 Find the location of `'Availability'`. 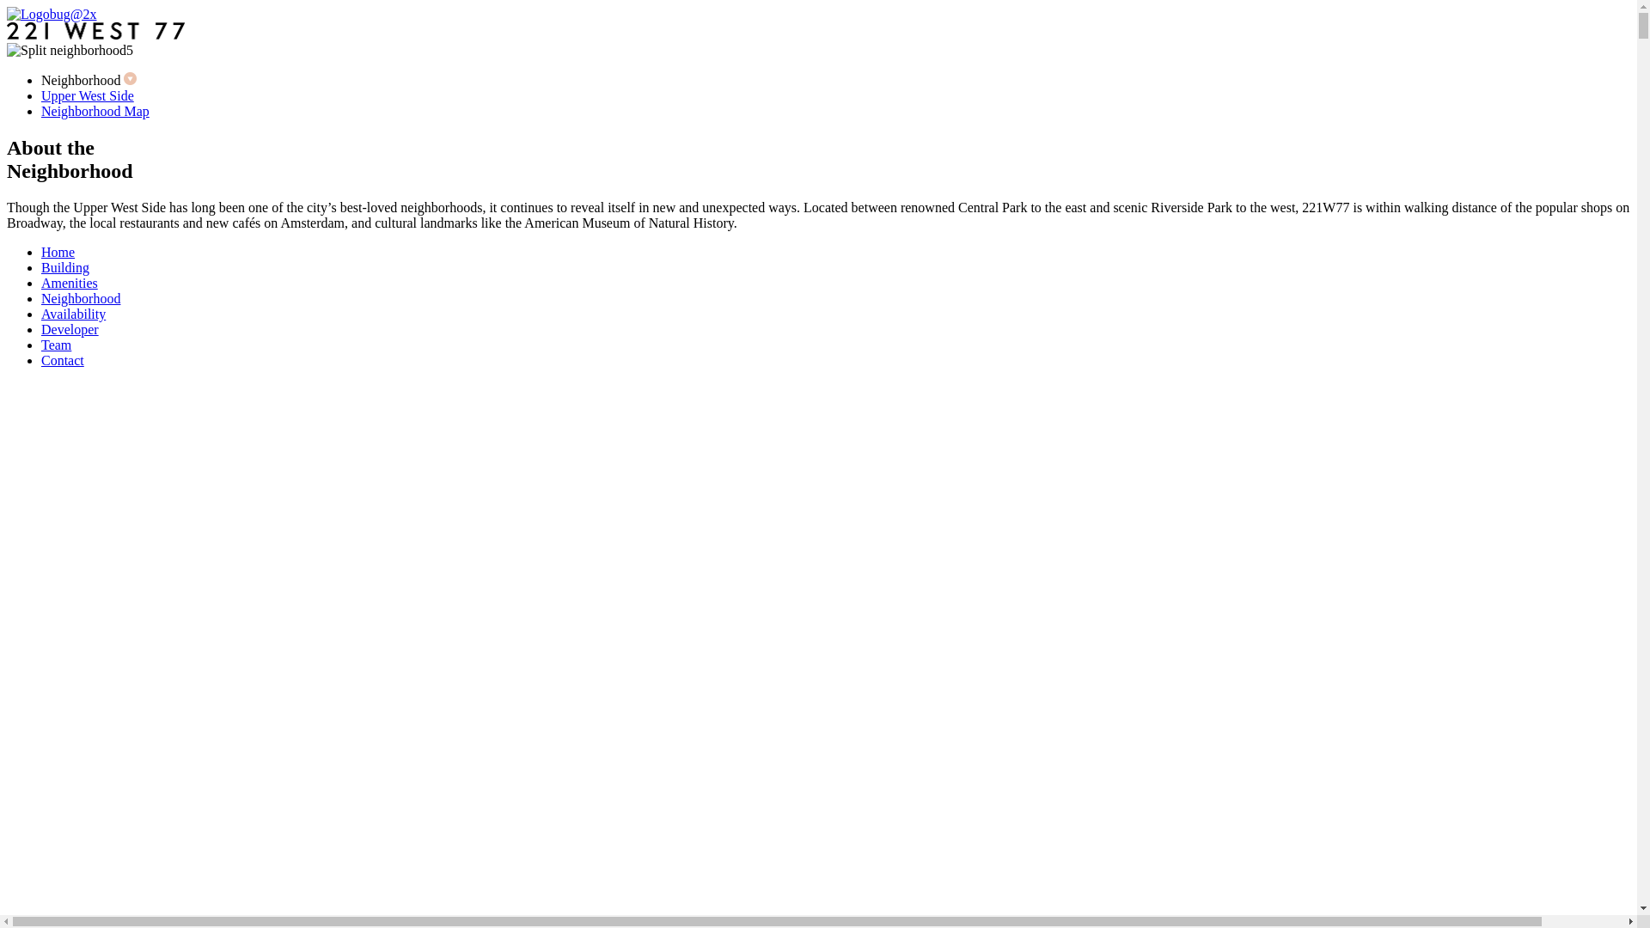

'Availability' is located at coordinates (72, 314).